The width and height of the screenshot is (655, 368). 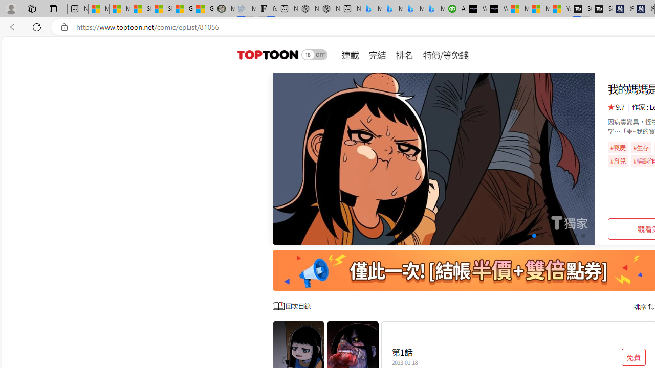 What do you see at coordinates (329, 9) in the screenshot?
I see `'Nordace - #1 Japanese Best-Seller - Siena Smart Backpack'` at bounding box center [329, 9].